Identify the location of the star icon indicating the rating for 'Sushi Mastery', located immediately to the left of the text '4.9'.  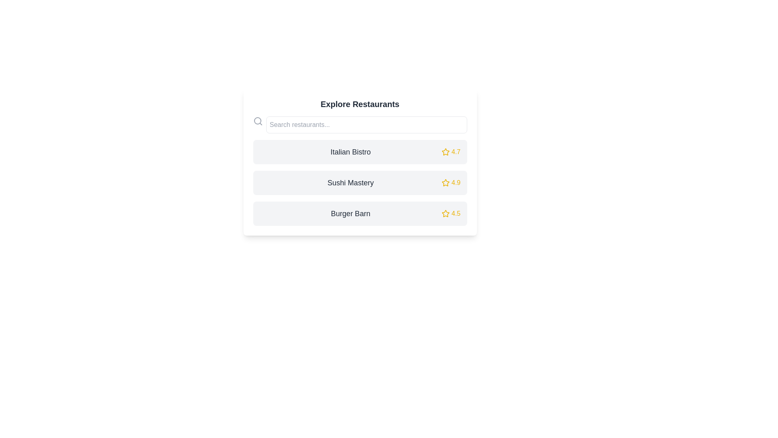
(445, 183).